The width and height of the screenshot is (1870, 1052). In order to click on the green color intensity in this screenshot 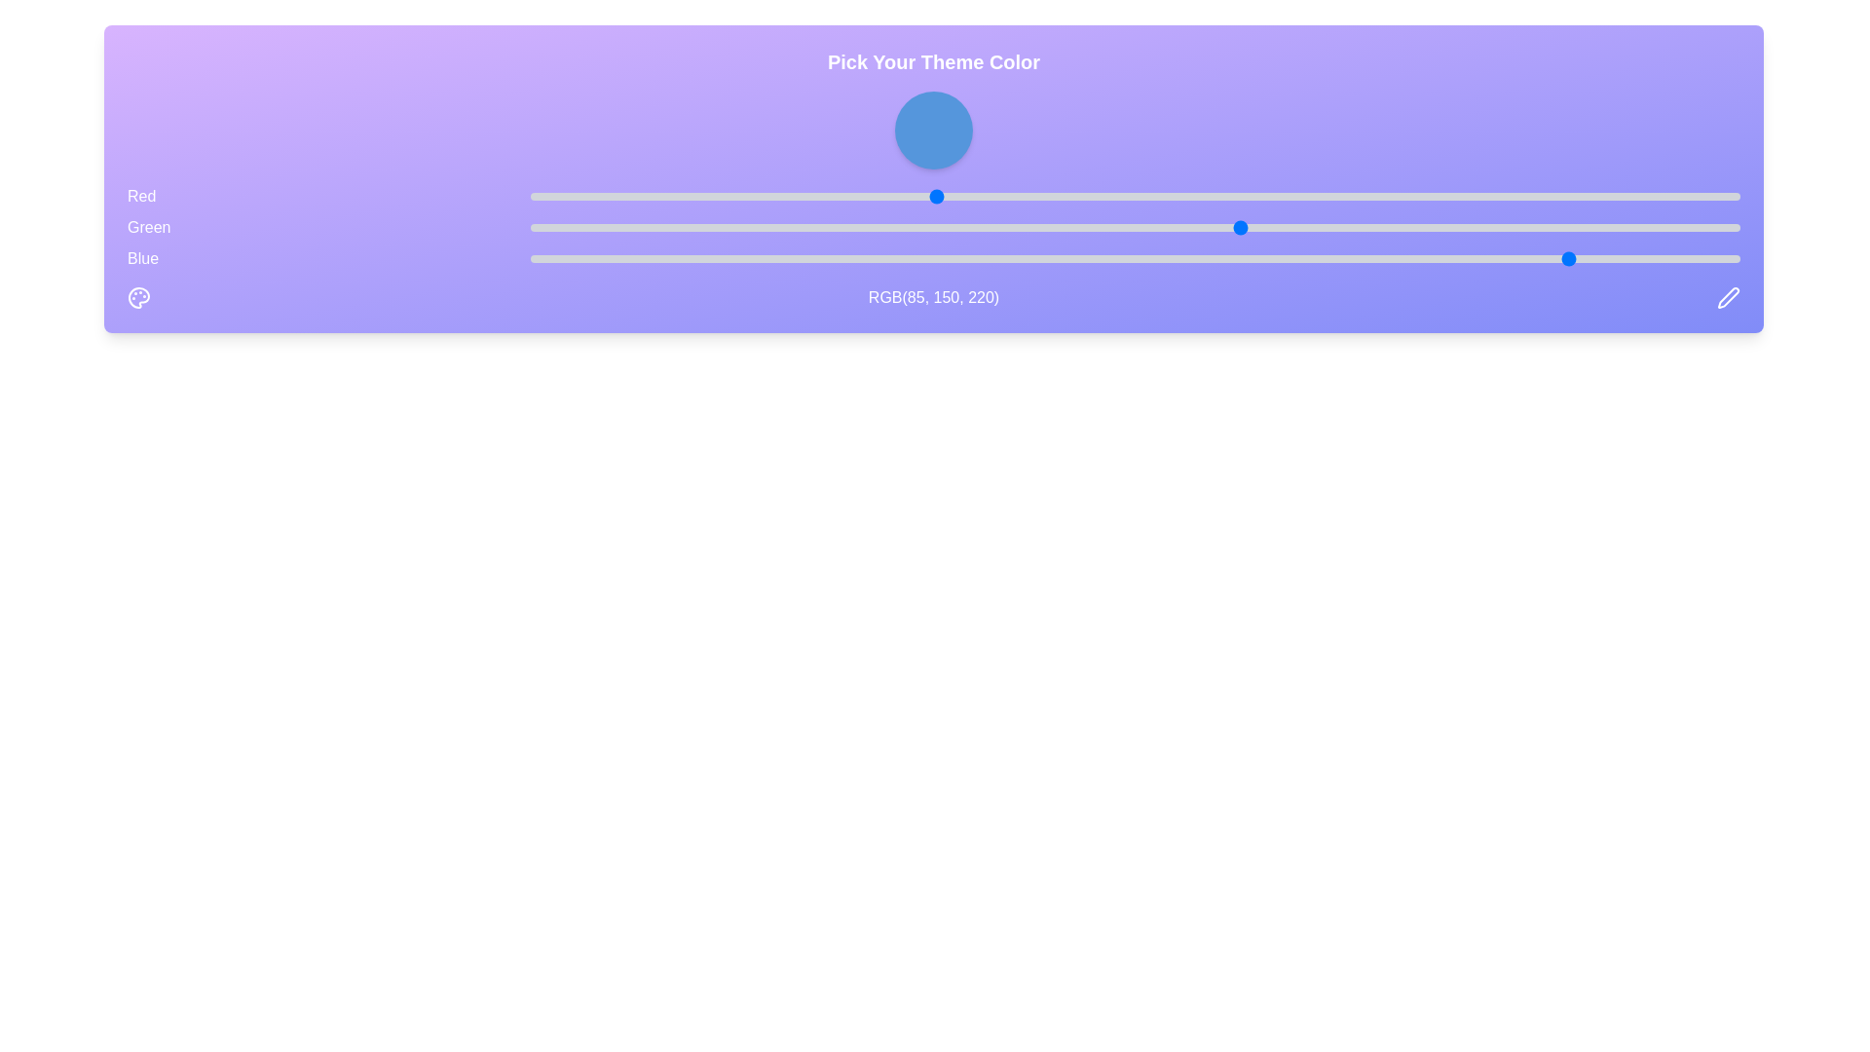, I will do `click(1432, 227)`.